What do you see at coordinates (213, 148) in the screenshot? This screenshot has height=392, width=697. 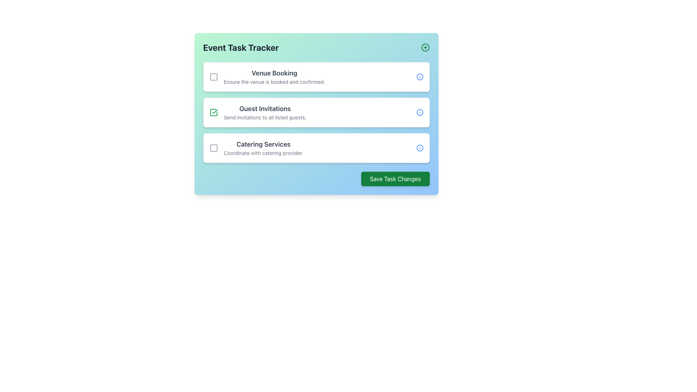 I see `to interact with the Checkbox-like element (non-standard) located in the third row of the task list, adjacent to the 'Catering Services' task description` at bounding box center [213, 148].